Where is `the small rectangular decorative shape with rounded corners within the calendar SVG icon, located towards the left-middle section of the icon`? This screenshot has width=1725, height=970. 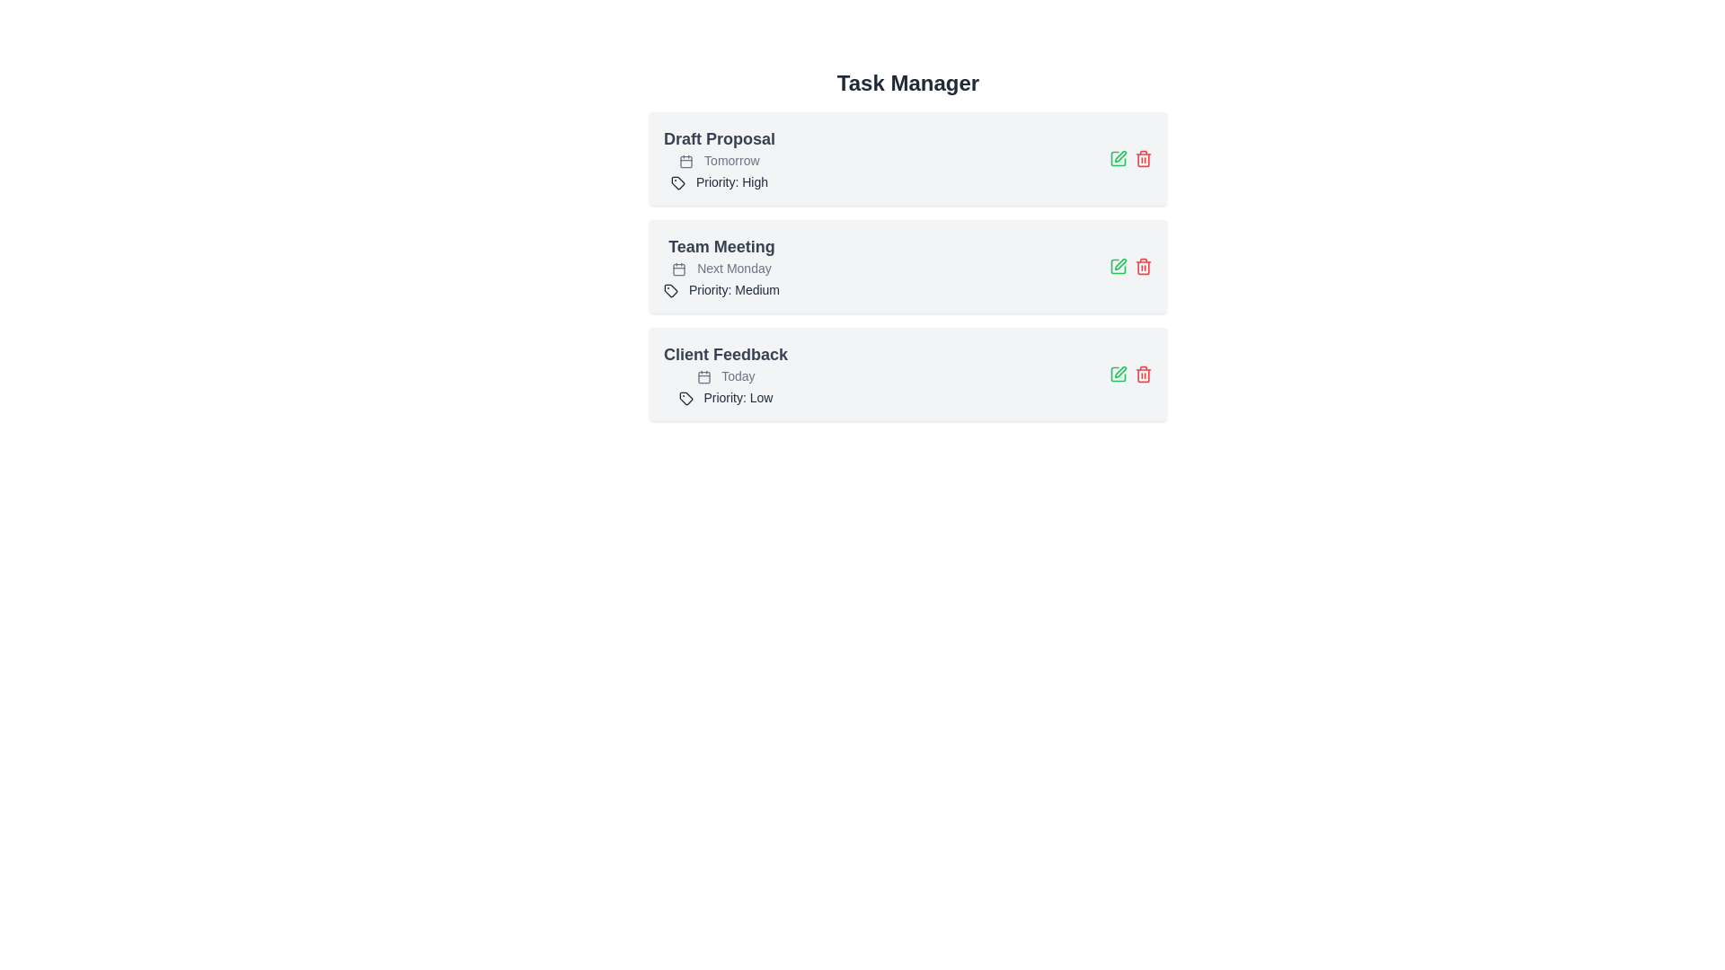
the small rectangular decorative shape with rounded corners within the calendar SVG icon, located towards the left-middle section of the icon is located at coordinates (678, 269).